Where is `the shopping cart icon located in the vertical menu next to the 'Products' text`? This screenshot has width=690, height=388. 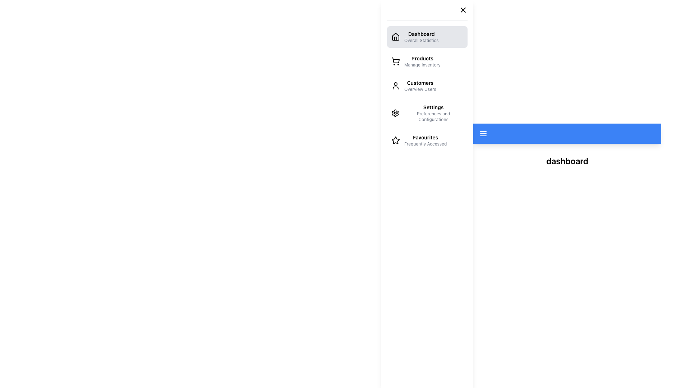
the shopping cart icon located in the vertical menu next to the 'Products' text is located at coordinates (395, 61).